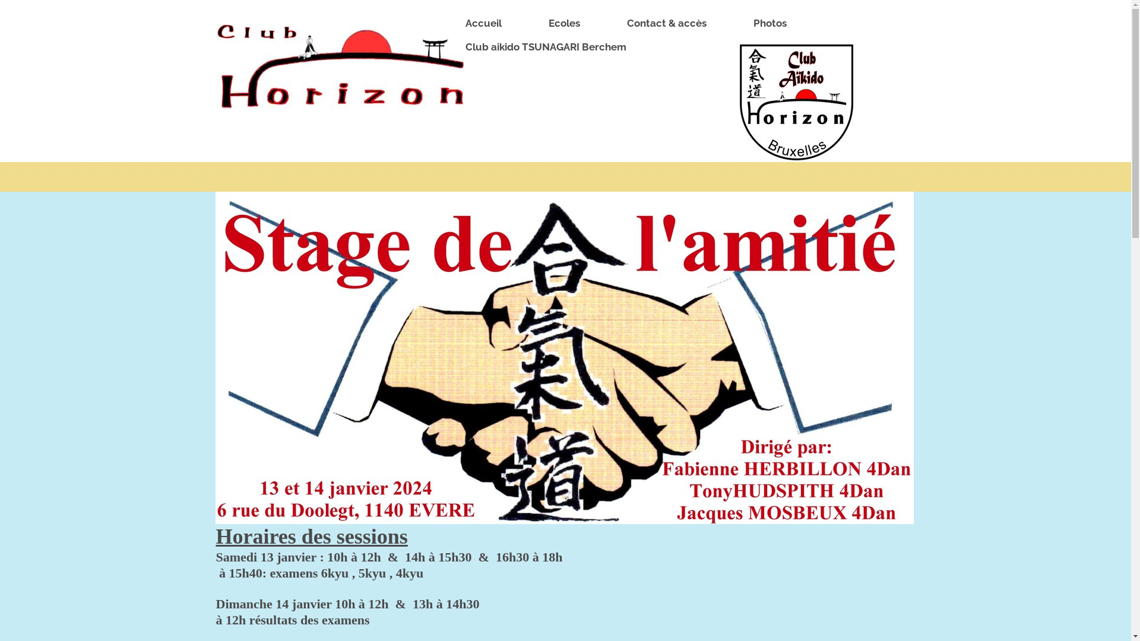  Describe the element at coordinates (775, 23) in the screenshot. I see `'Photos'` at that location.